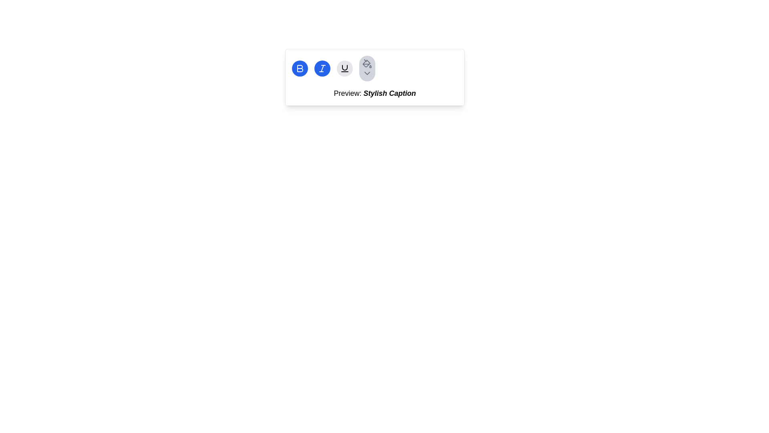 The image size is (769, 433). I want to click on the italic toggle button located second from the left in the horizontal menu, so click(322, 68).